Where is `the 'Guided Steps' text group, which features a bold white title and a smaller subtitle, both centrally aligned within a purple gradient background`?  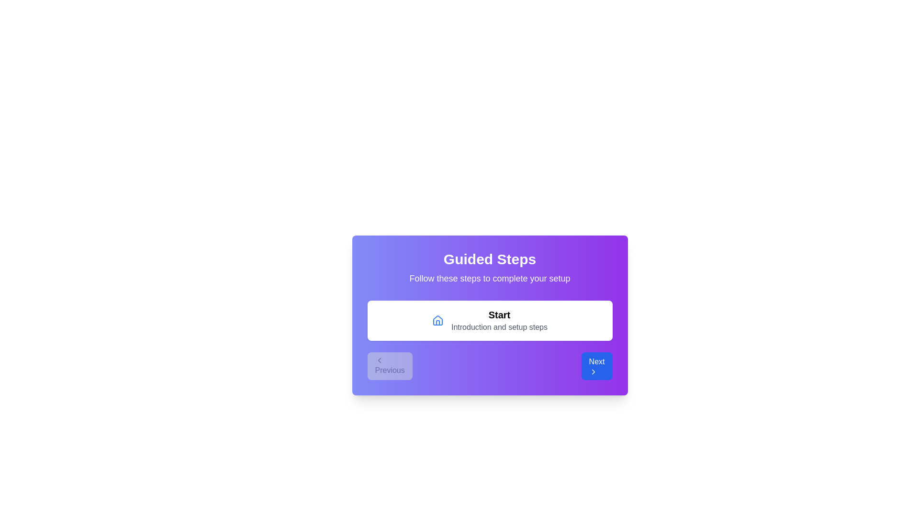 the 'Guided Steps' text group, which features a bold white title and a smaller subtitle, both centrally aligned within a purple gradient background is located at coordinates (490, 268).